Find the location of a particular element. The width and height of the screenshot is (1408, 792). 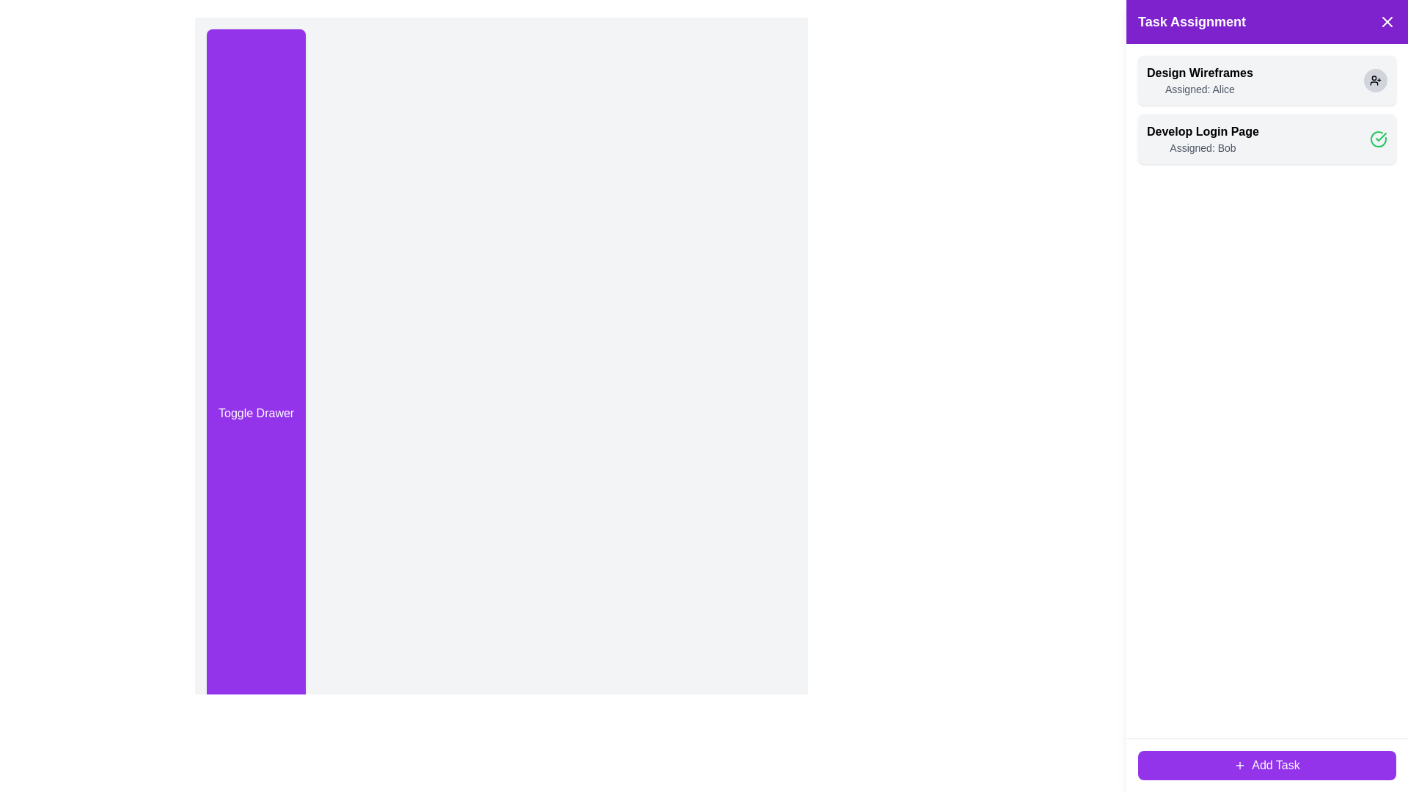

the second task item in the 'Task Assignment' sidebar, which displays the task name and assignee's name is located at coordinates (1203, 139).